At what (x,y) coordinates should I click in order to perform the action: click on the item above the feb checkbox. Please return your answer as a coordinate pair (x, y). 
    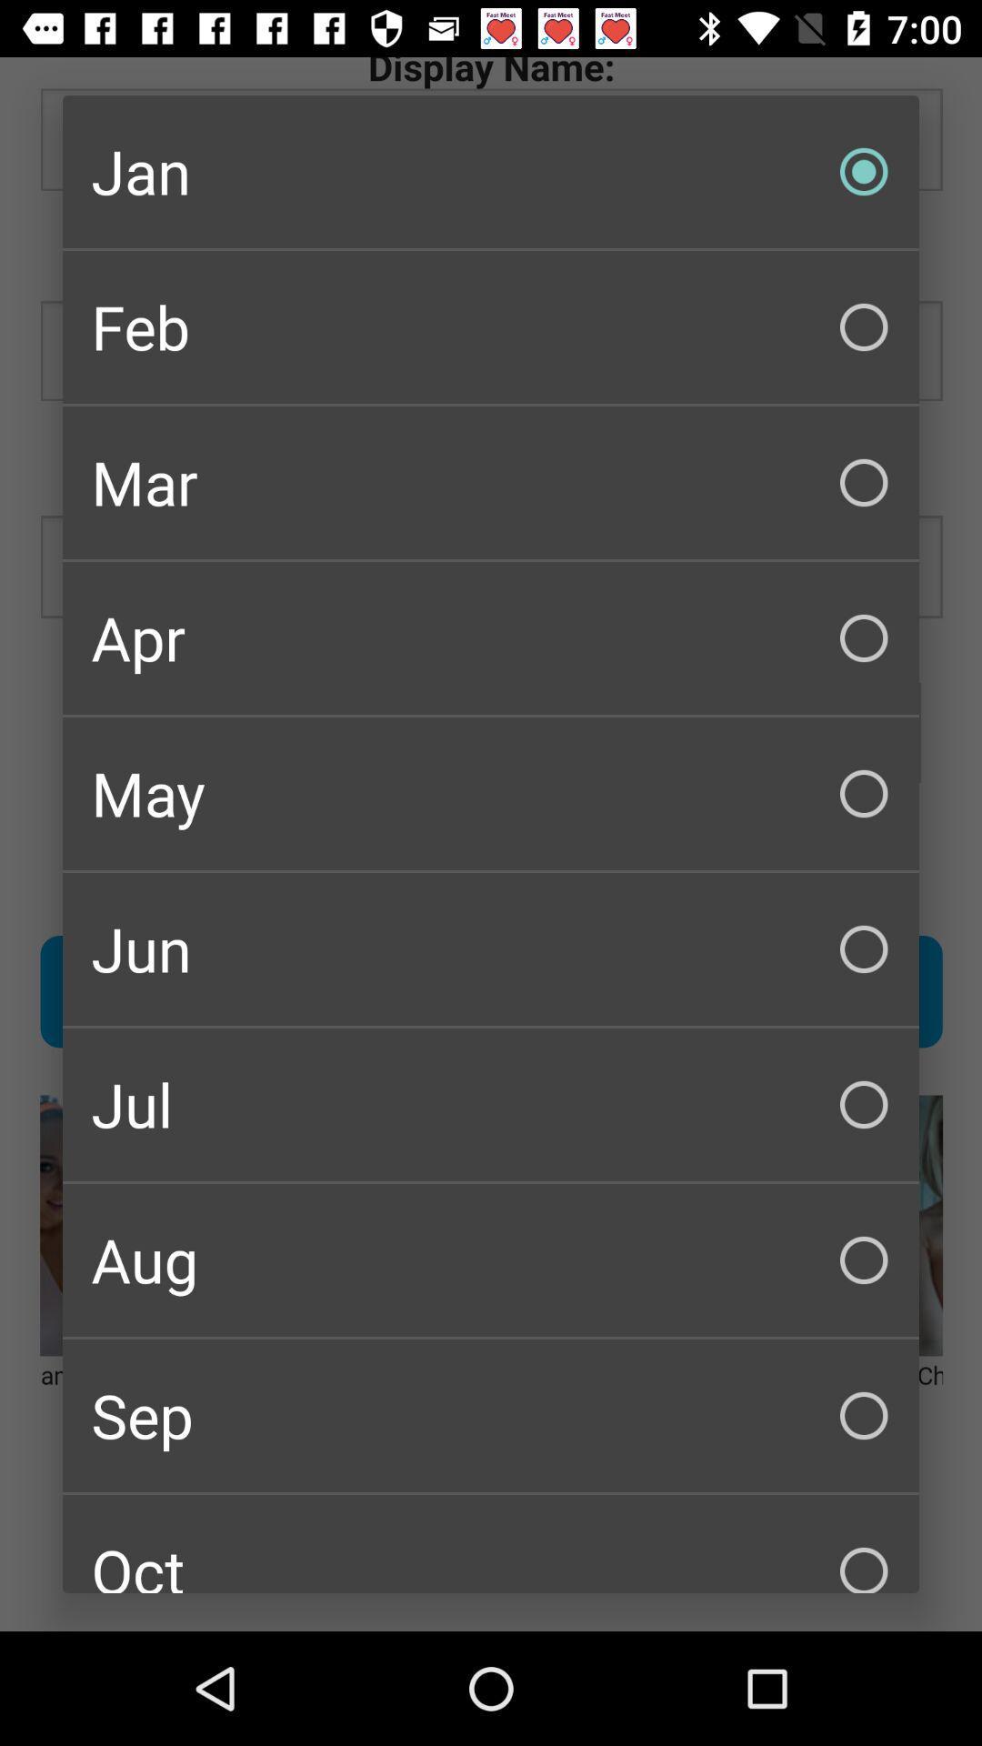
    Looking at the image, I should click on (491, 171).